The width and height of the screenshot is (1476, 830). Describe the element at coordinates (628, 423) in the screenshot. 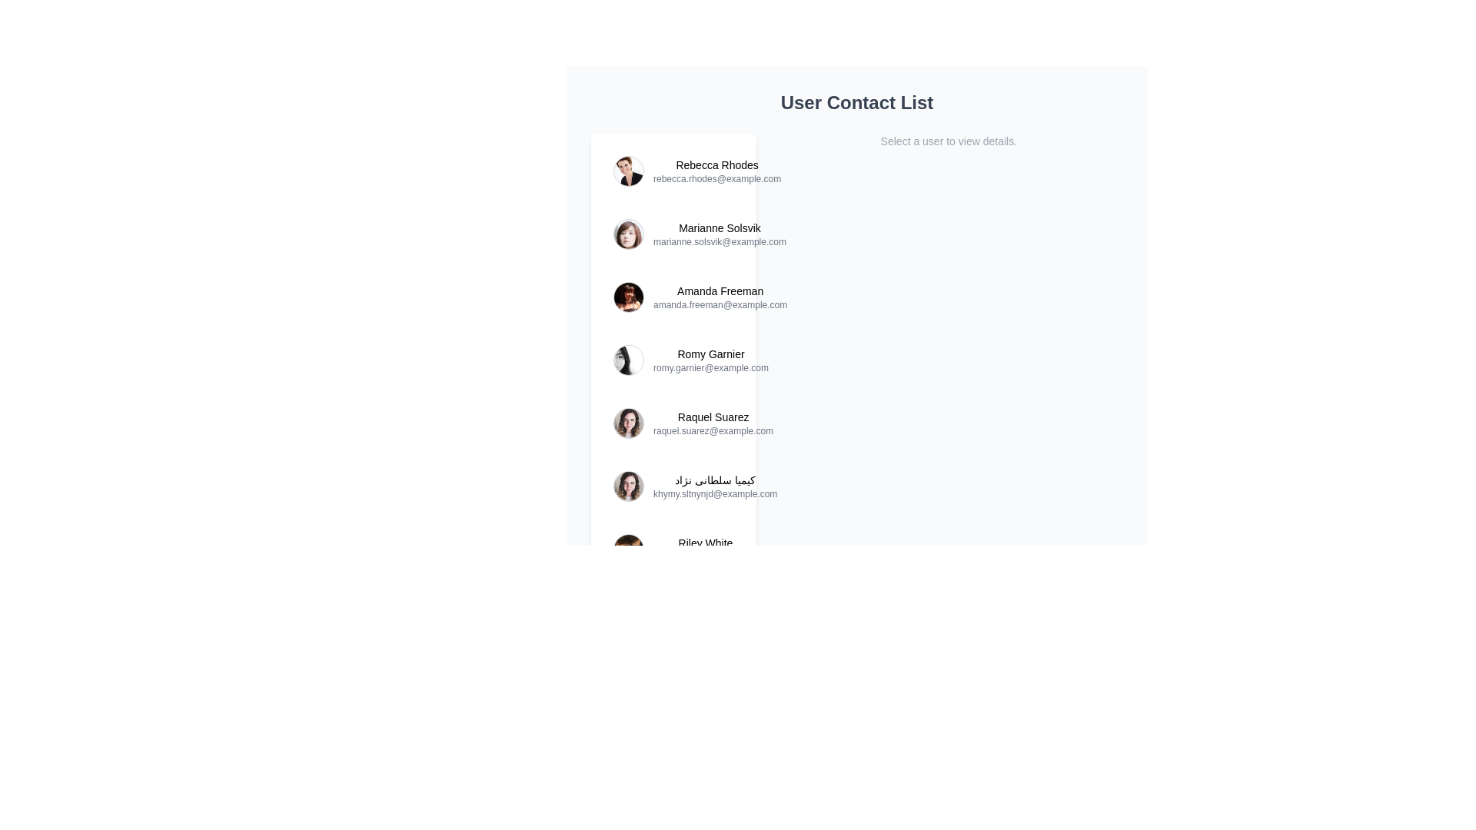

I see `the circular user avatar of Raquel Suarez, located in the fifth row of the contact list` at that location.